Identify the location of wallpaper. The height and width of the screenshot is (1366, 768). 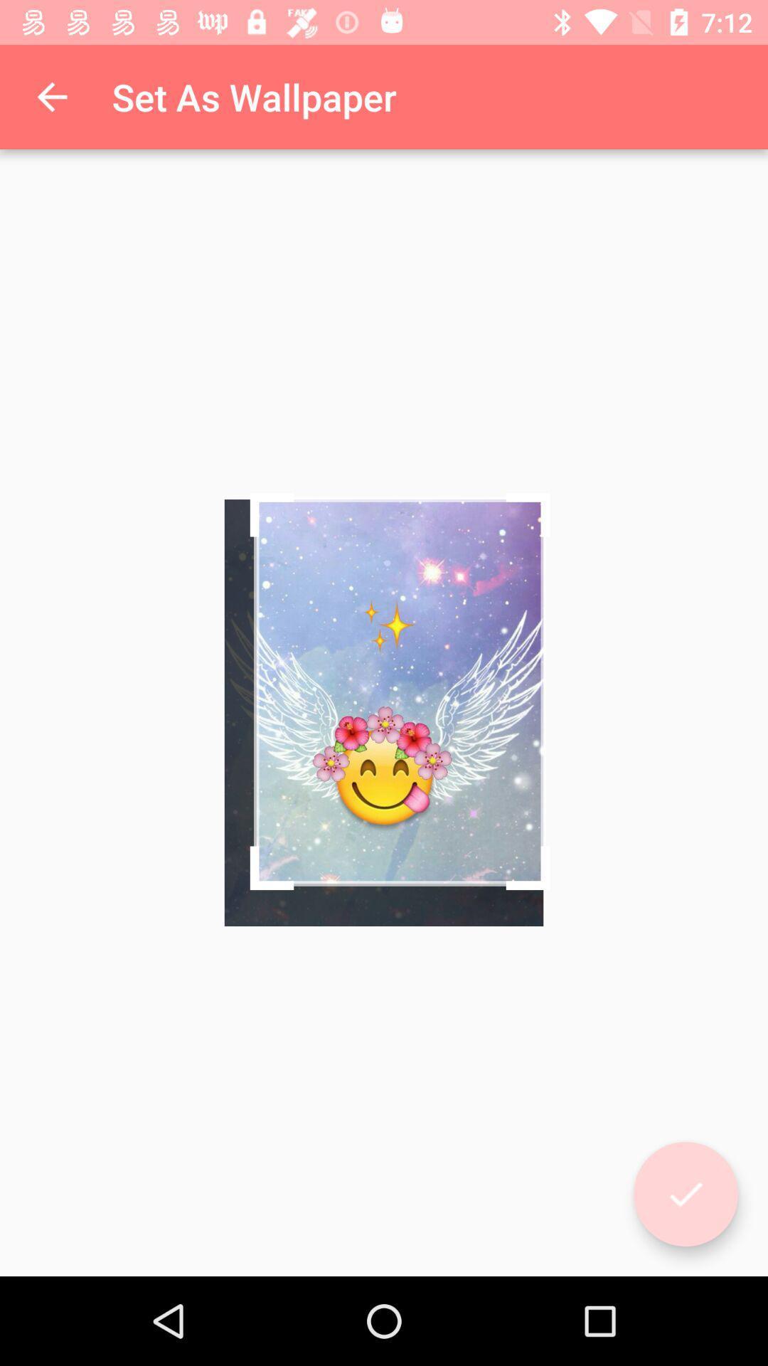
(685, 1194).